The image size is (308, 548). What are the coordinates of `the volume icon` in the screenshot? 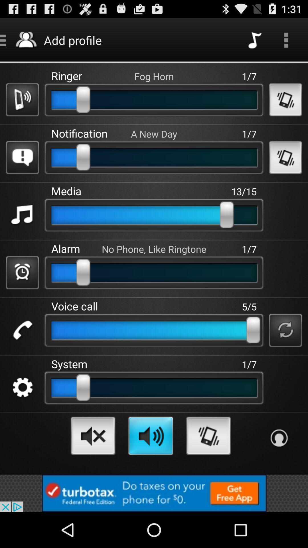 It's located at (150, 466).